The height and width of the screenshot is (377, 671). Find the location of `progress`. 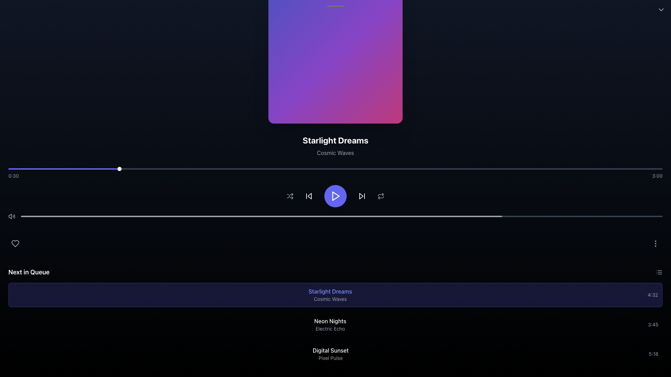

progress is located at coordinates (47, 169).